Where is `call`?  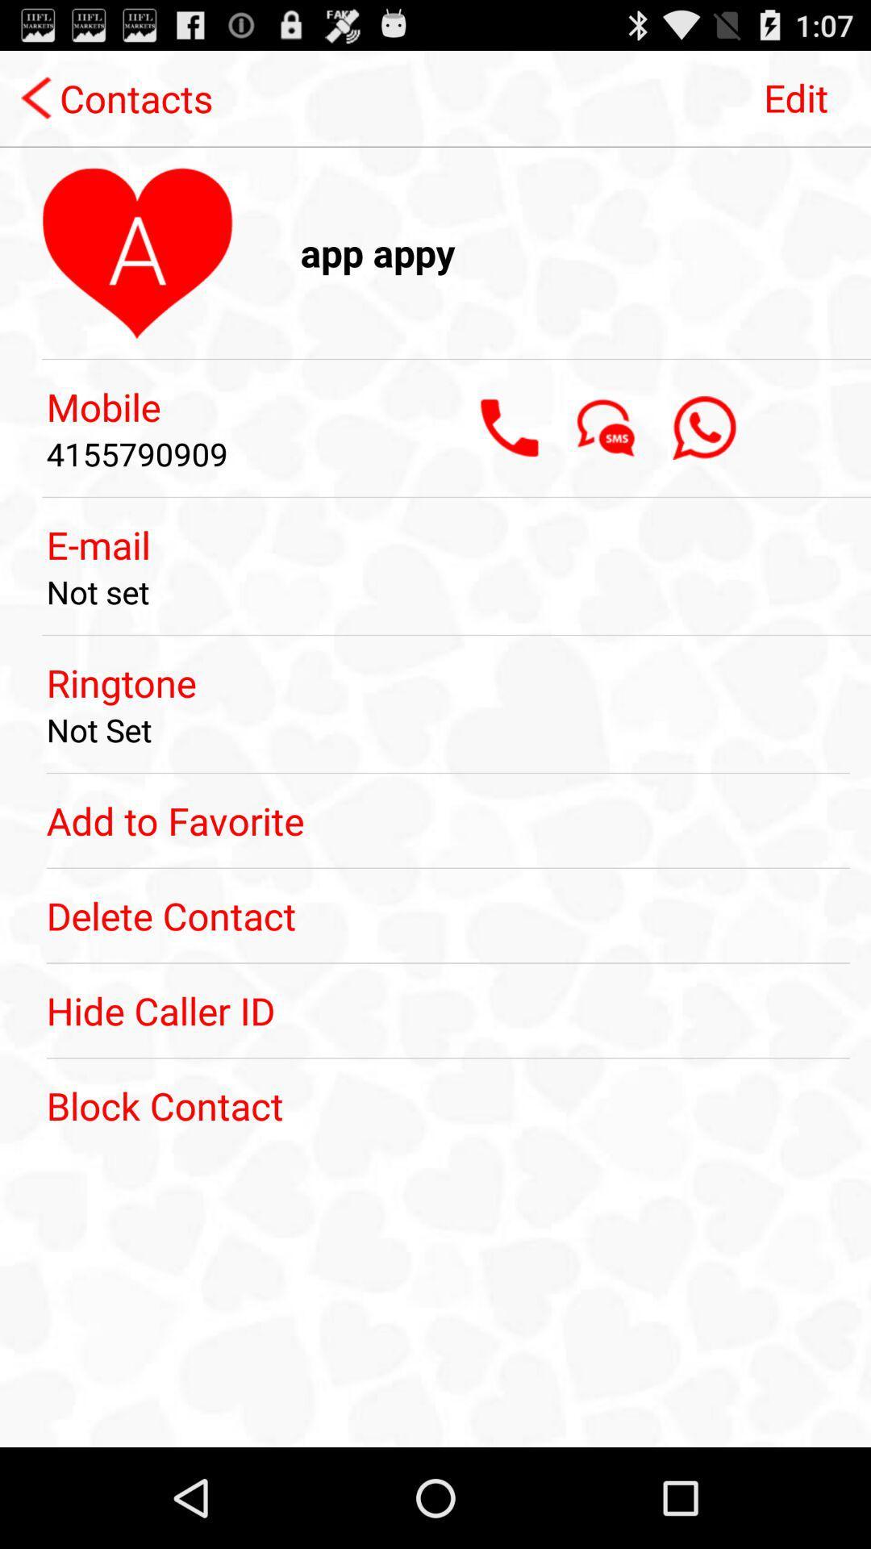 call is located at coordinates (509, 428).